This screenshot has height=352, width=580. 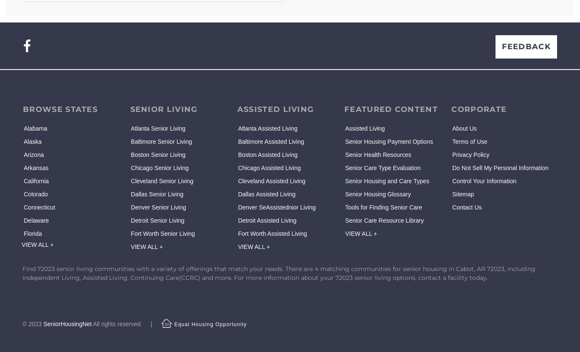 I want to click on 'Senior Housing Glossary', so click(x=377, y=193).